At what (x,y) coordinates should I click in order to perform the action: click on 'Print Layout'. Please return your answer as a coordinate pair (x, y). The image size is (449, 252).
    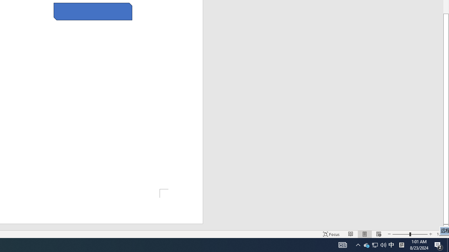
    Looking at the image, I should click on (365, 234).